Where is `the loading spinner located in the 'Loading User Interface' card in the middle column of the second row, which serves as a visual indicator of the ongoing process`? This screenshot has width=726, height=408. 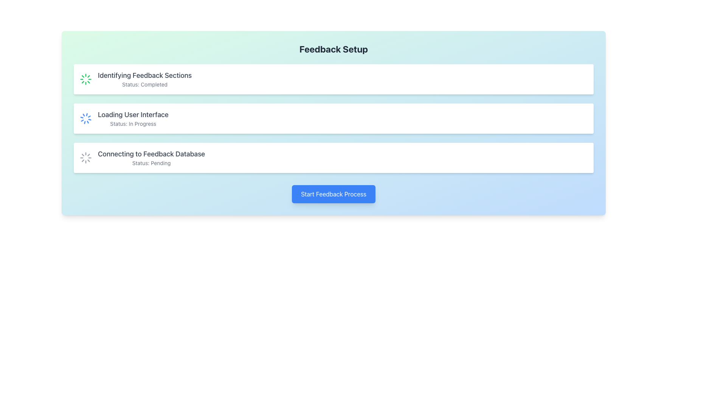
the loading spinner located in the 'Loading User Interface' card in the middle column of the second row, which serves as a visual indicator of the ongoing process is located at coordinates (85, 118).